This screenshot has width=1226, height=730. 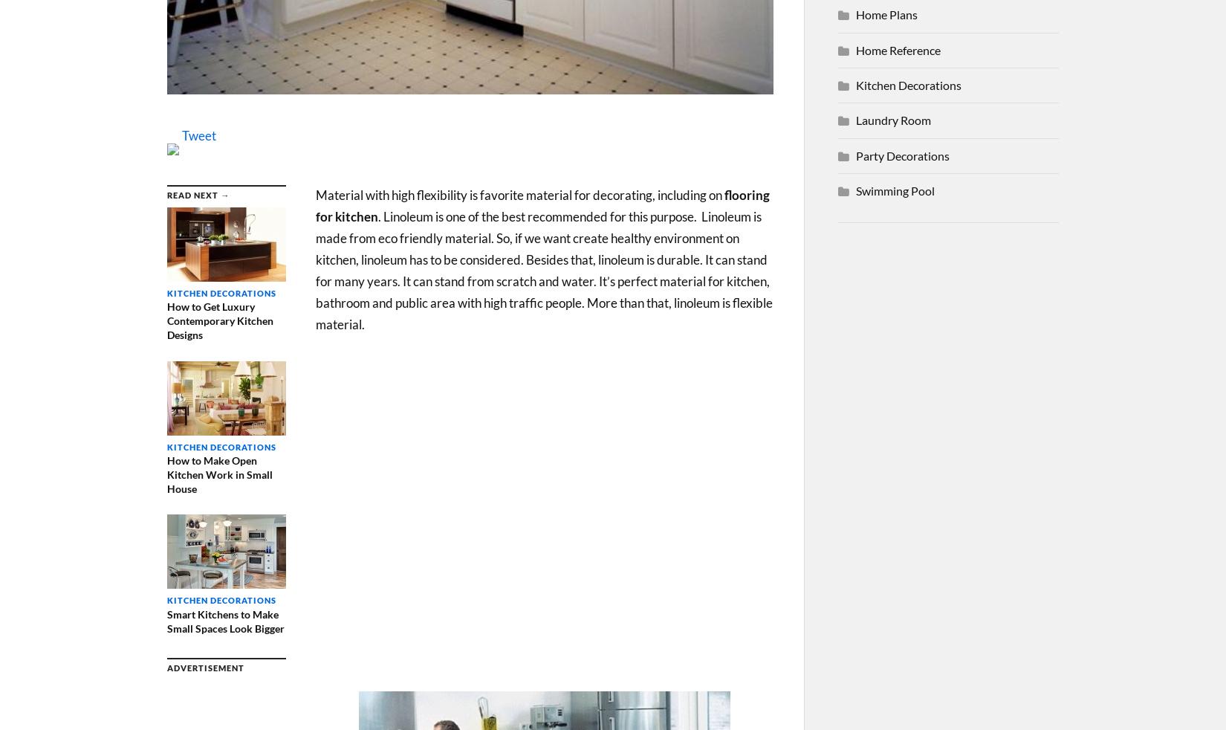 I want to click on 'flooring for kitchen', so click(x=315, y=206).